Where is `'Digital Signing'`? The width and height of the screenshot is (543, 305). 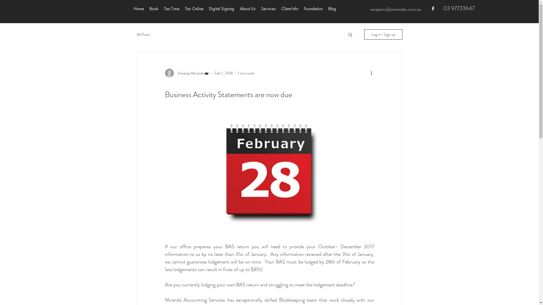 'Digital Signing' is located at coordinates (221, 8).